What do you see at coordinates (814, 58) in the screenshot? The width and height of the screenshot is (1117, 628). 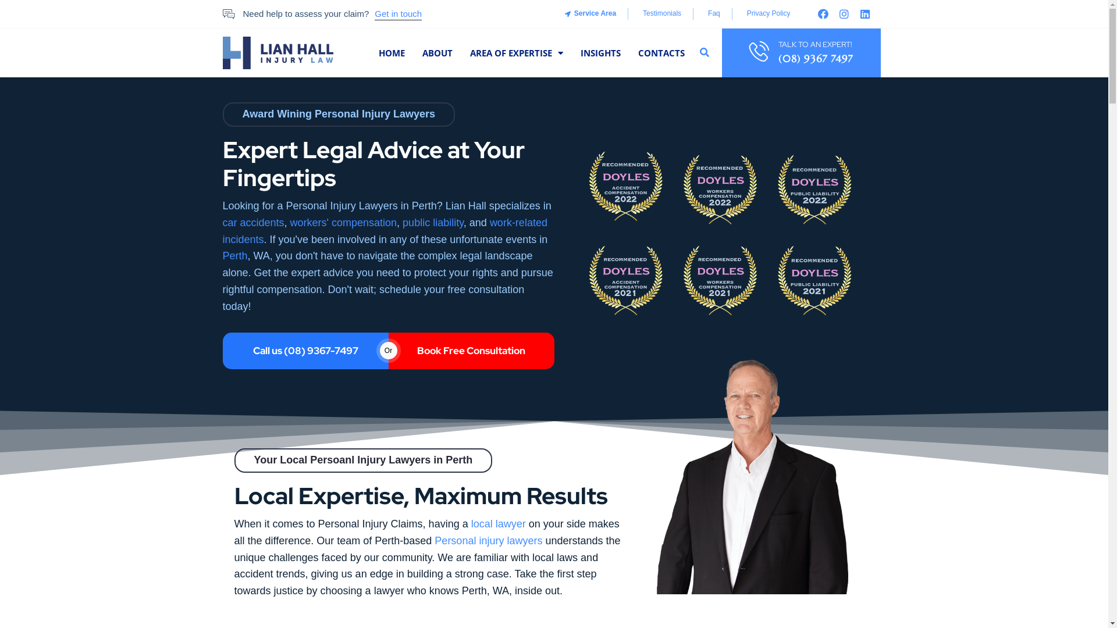 I see `'(08) 9367 7497'` at bounding box center [814, 58].